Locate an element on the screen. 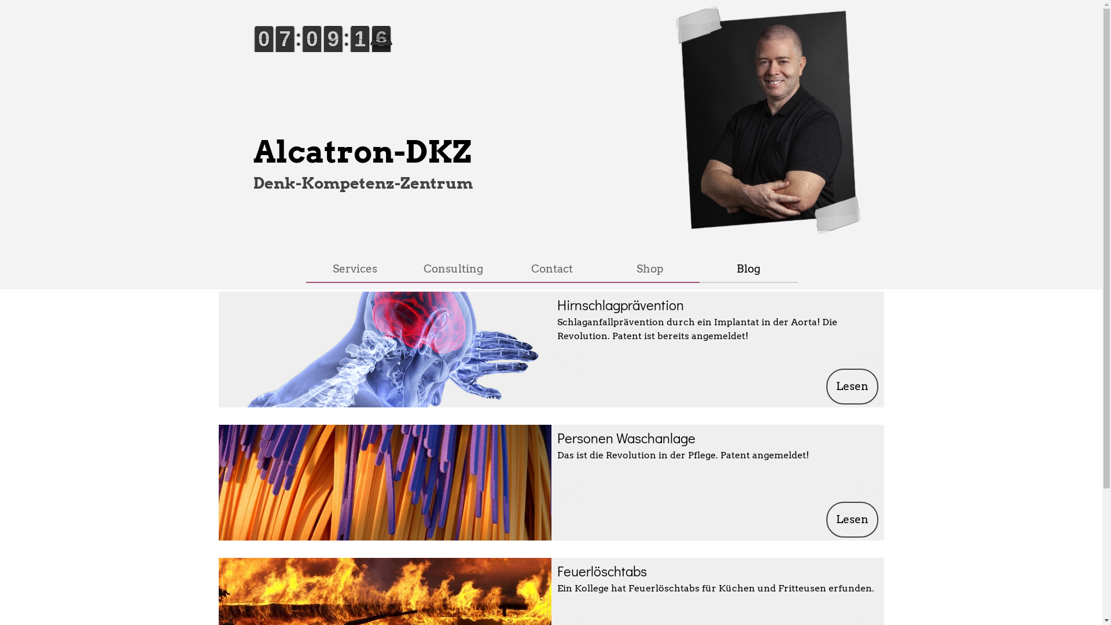 This screenshot has height=625, width=1111. 'Contact' is located at coordinates (551, 269).